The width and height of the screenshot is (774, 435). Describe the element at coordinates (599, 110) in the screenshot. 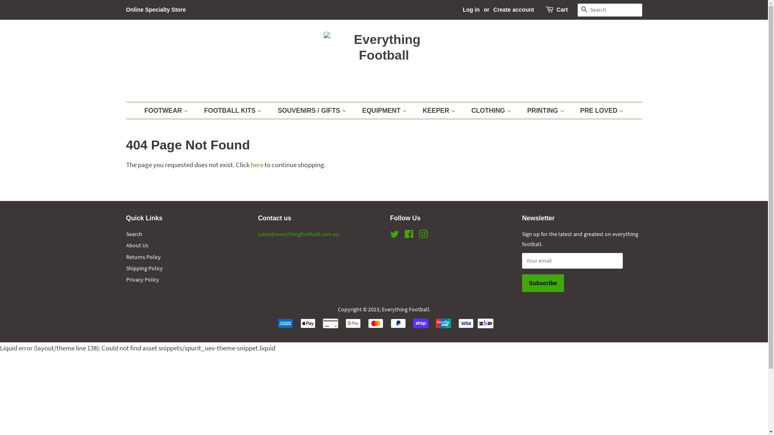

I see `'PRE LOVED'` at that location.